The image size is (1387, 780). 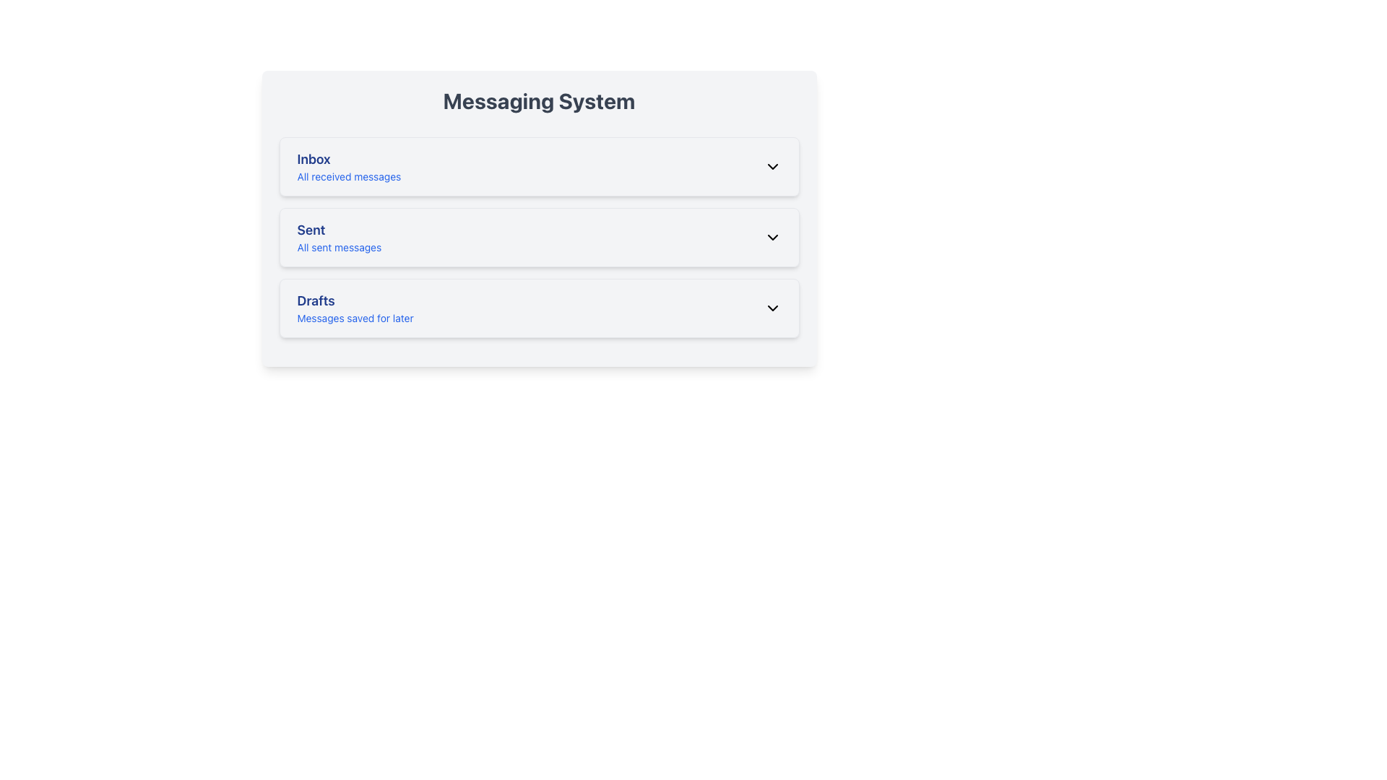 What do you see at coordinates (349, 176) in the screenshot?
I see `the text label that indicates 'All received messages', which is positioned below the 'Inbox' label within the inbox section` at bounding box center [349, 176].